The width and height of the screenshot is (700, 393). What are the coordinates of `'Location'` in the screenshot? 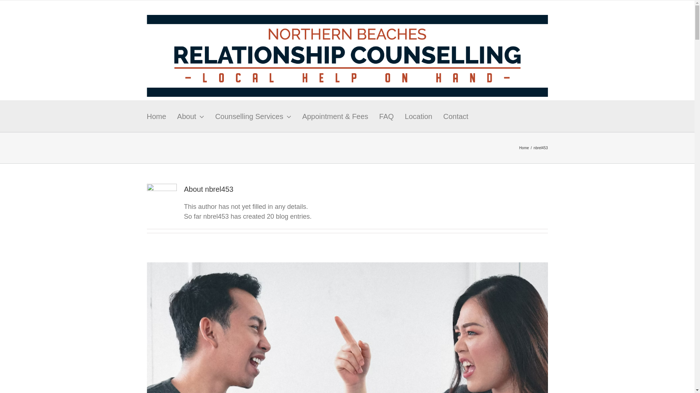 It's located at (404, 116).